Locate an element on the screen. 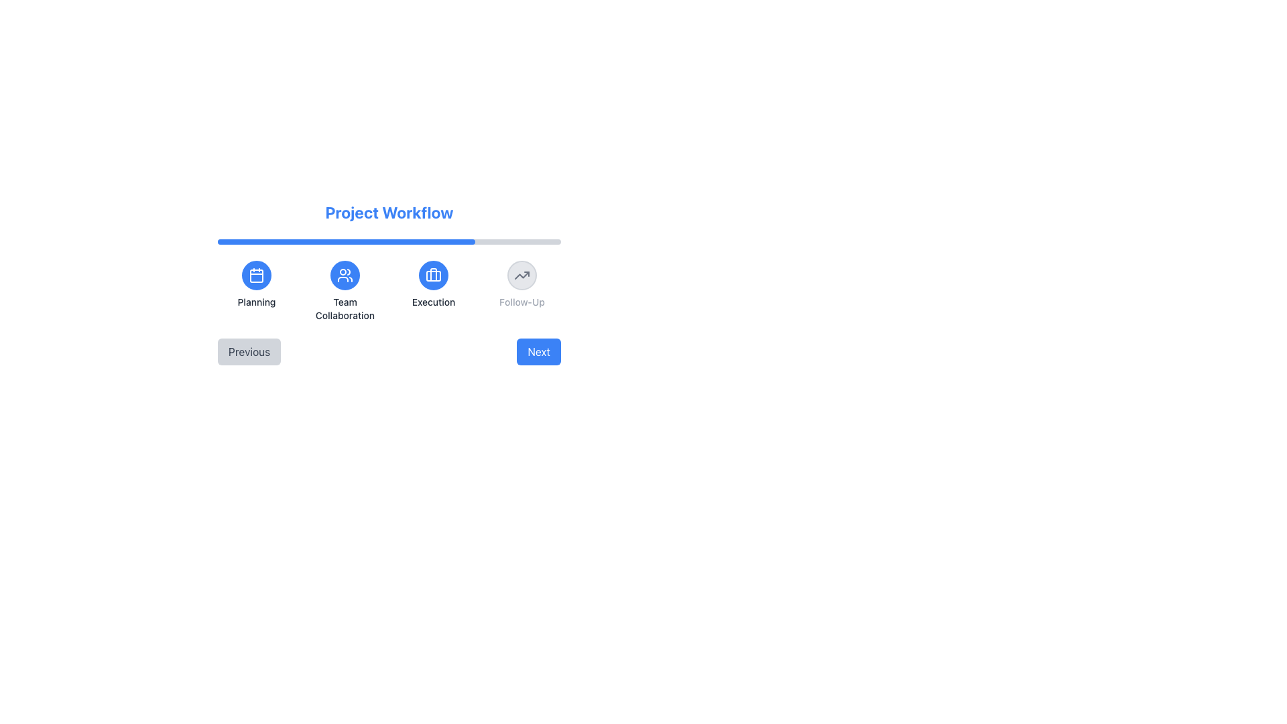 This screenshot has height=724, width=1287. the circular blue button with a white border and icon of two human figures is located at coordinates (345, 275).